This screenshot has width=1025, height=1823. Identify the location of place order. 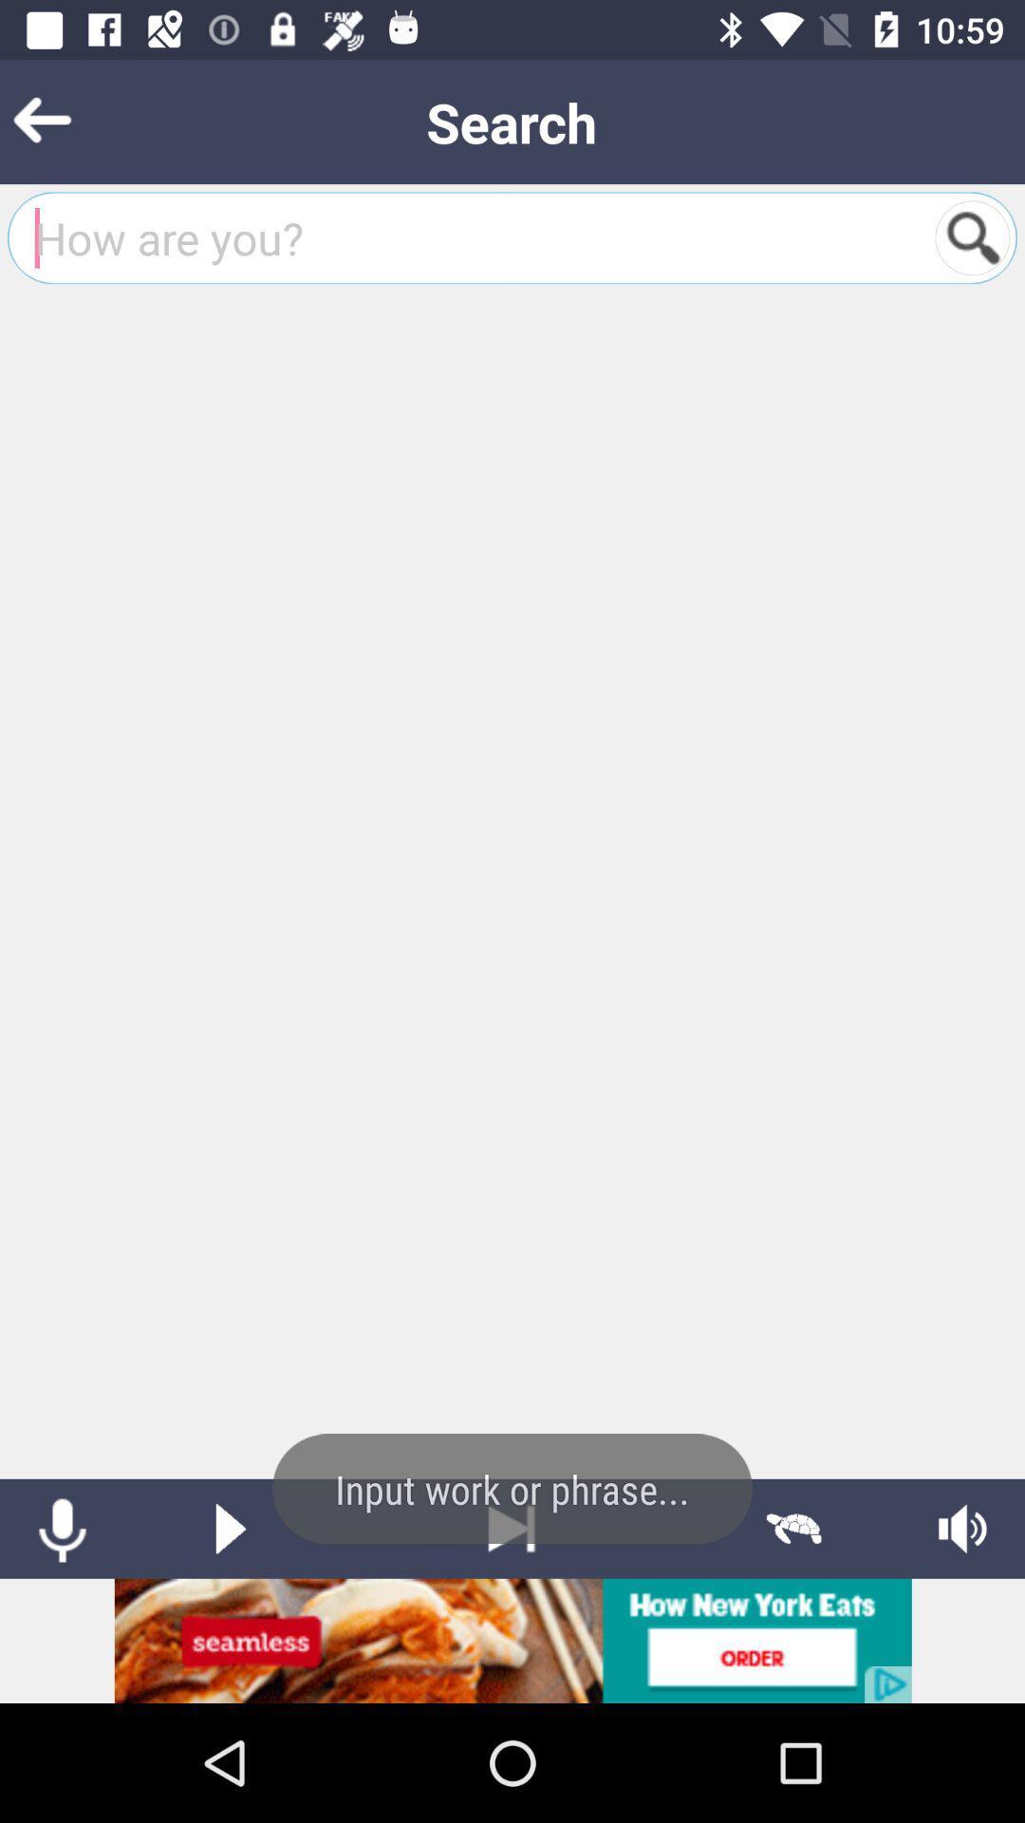
(512, 1640).